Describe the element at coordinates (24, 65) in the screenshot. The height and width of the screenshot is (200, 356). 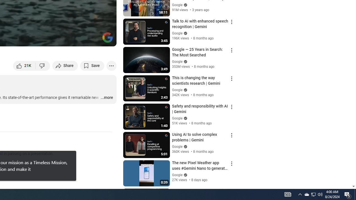
I see `'like this video along with 21,118 other people'` at that location.